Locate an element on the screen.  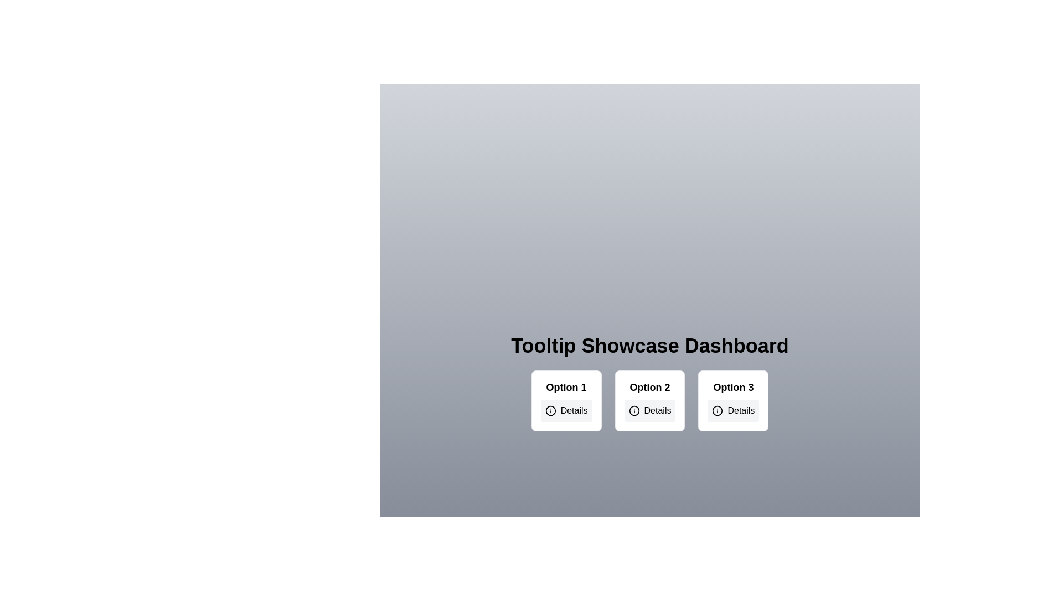
the information icon, which is a circular contour located inside the leftmost detail button beneath the 'Option 1' header is located at coordinates (550, 410).